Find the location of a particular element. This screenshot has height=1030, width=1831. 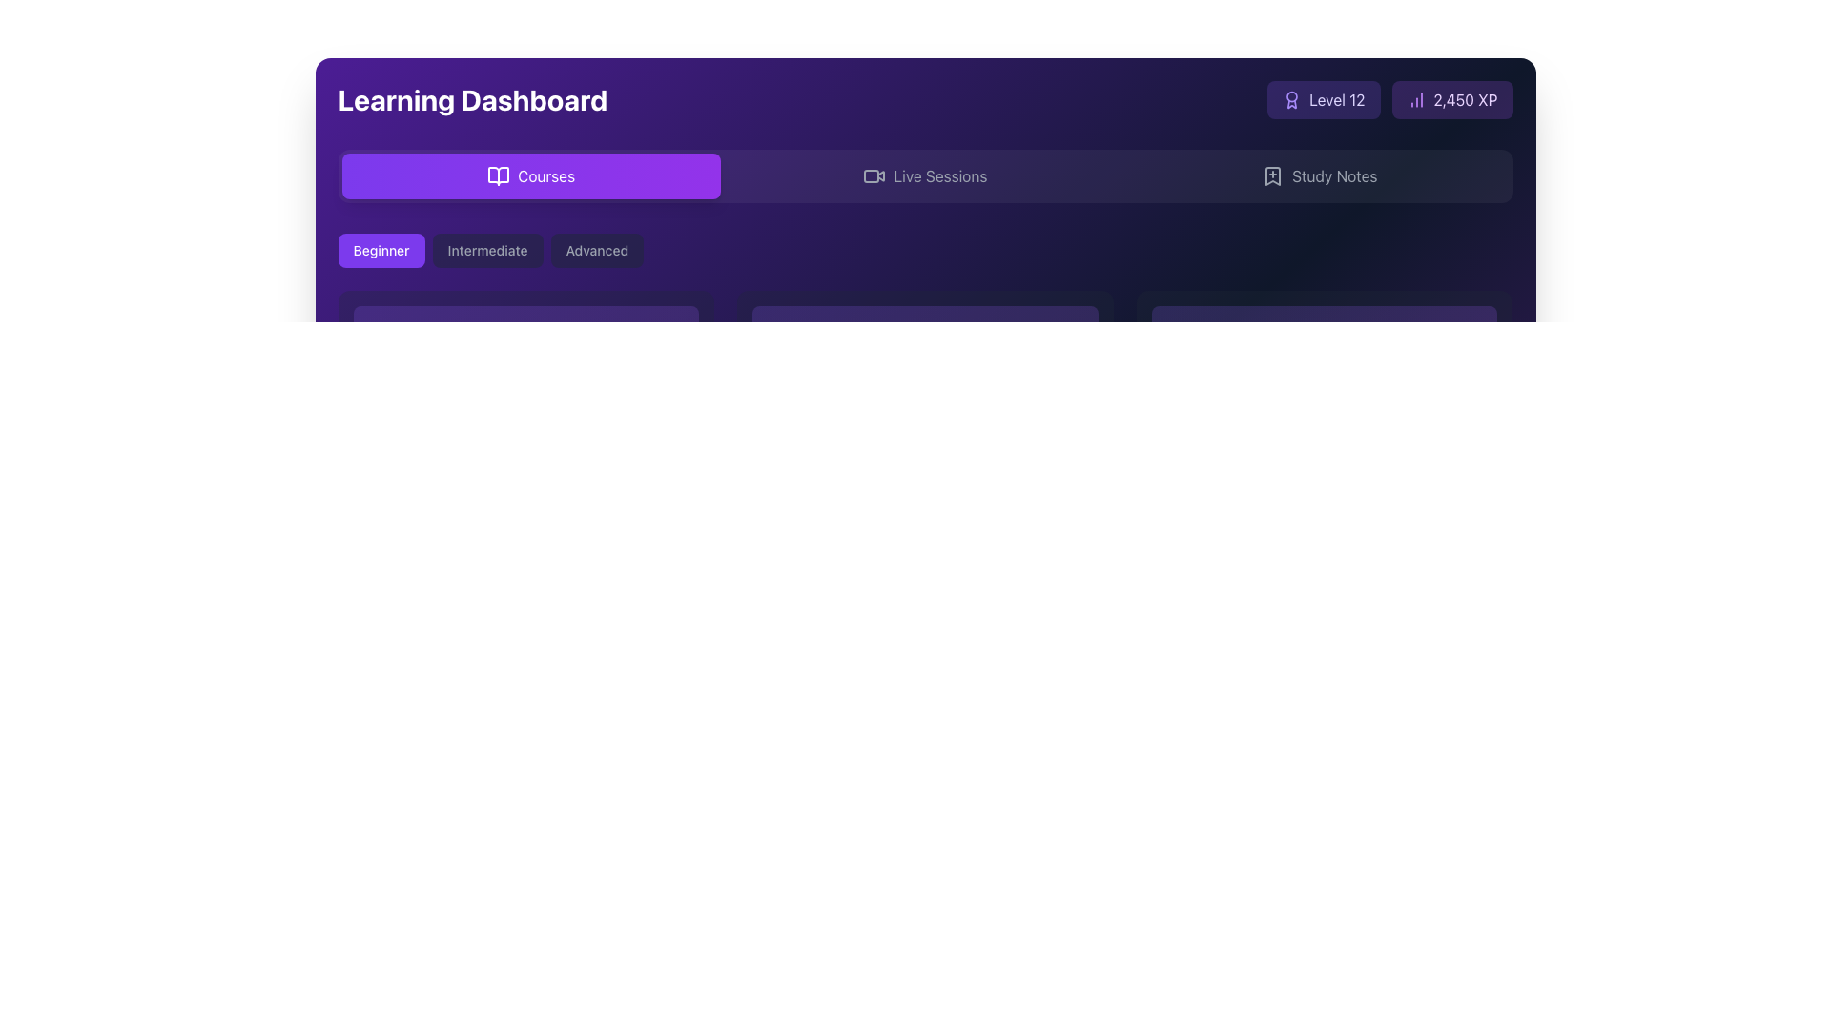

the 'Courses' icon located on the left side of the 'Courses' button to read the associated label is located at coordinates (499, 176).